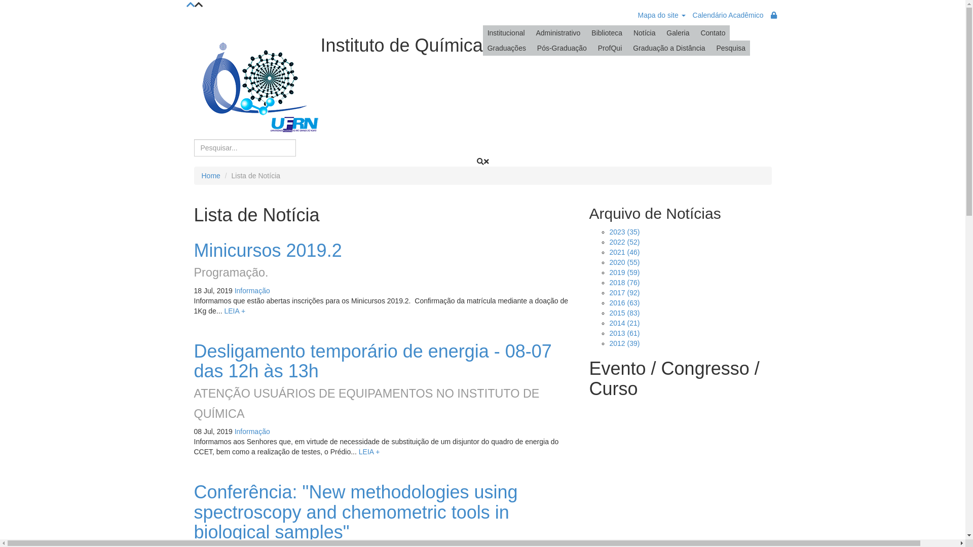  Describe the element at coordinates (268, 250) in the screenshot. I see `'Minicursos 2019.2'` at that location.